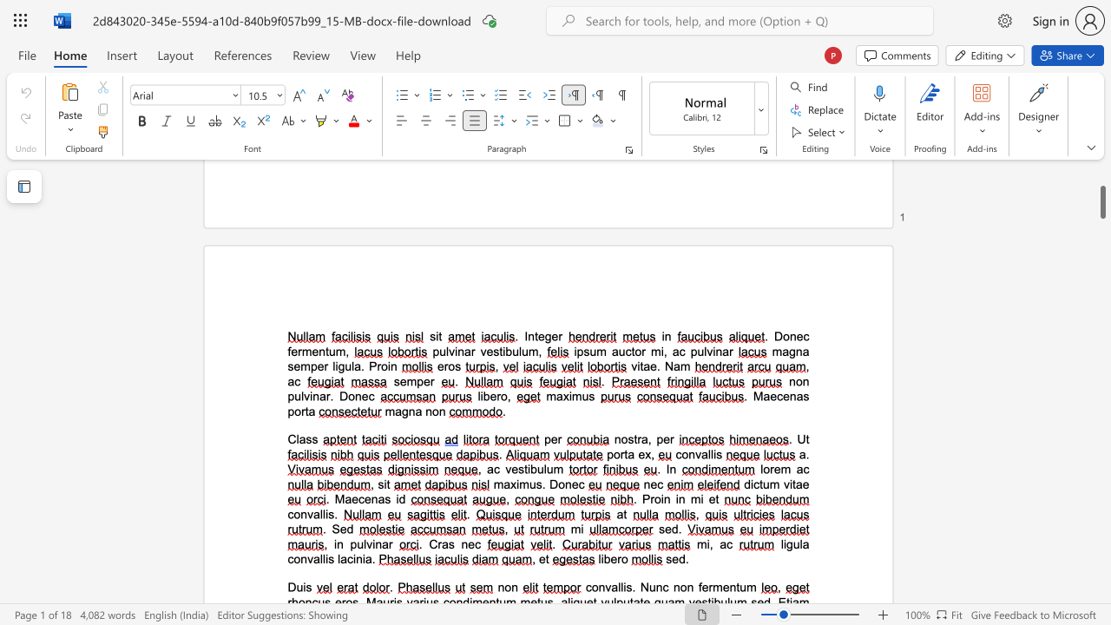  Describe the element at coordinates (695, 499) in the screenshot. I see `the 1th character "m" in the text` at that location.